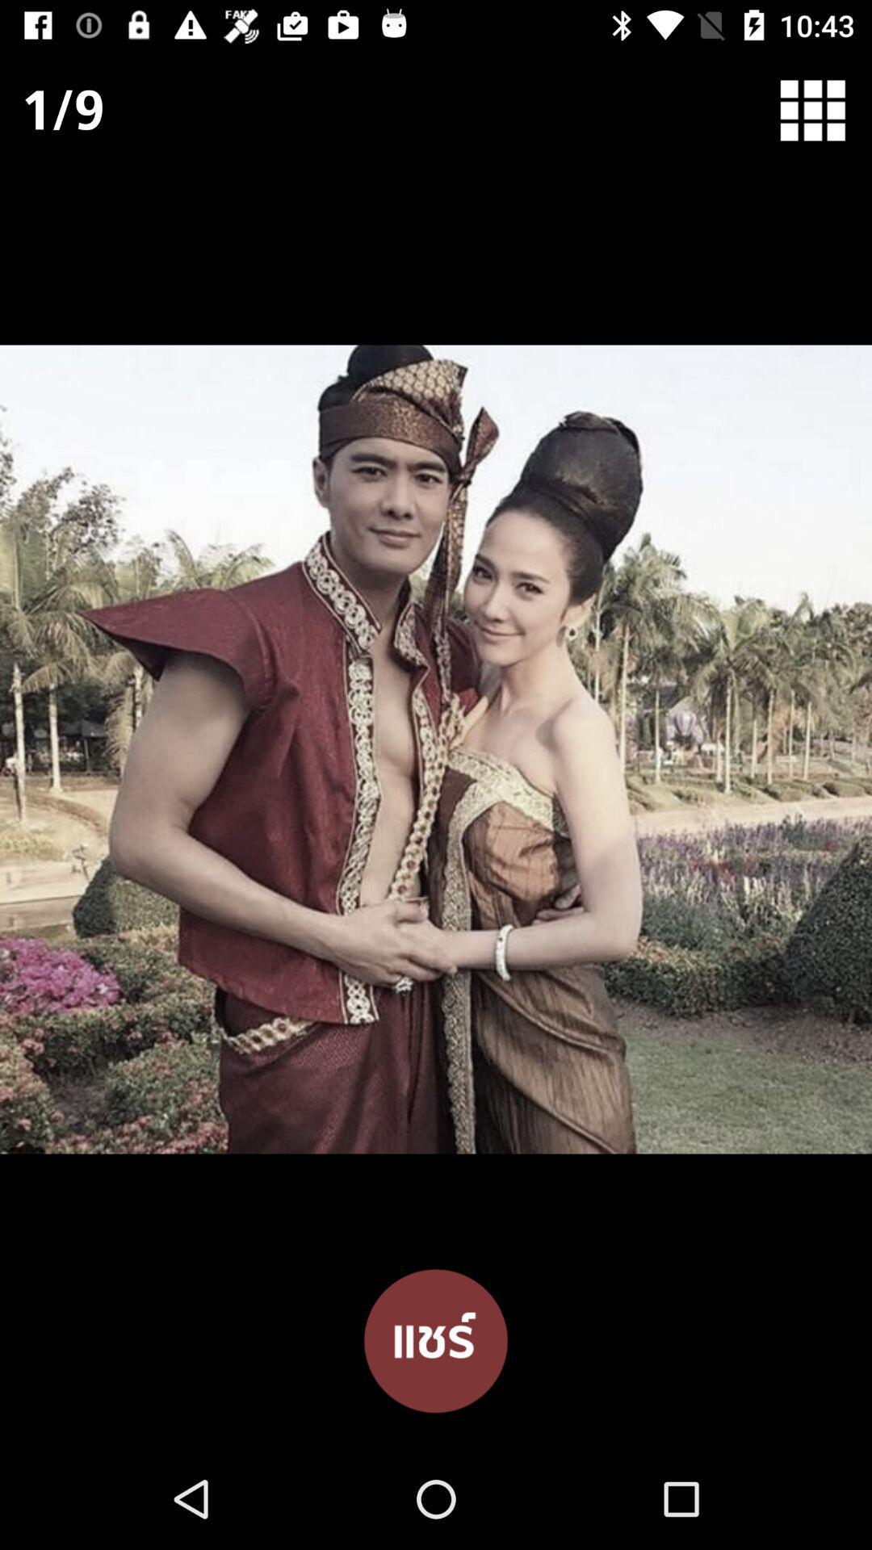 The width and height of the screenshot is (872, 1550). What do you see at coordinates (823, 109) in the screenshot?
I see `icon next to /9` at bounding box center [823, 109].